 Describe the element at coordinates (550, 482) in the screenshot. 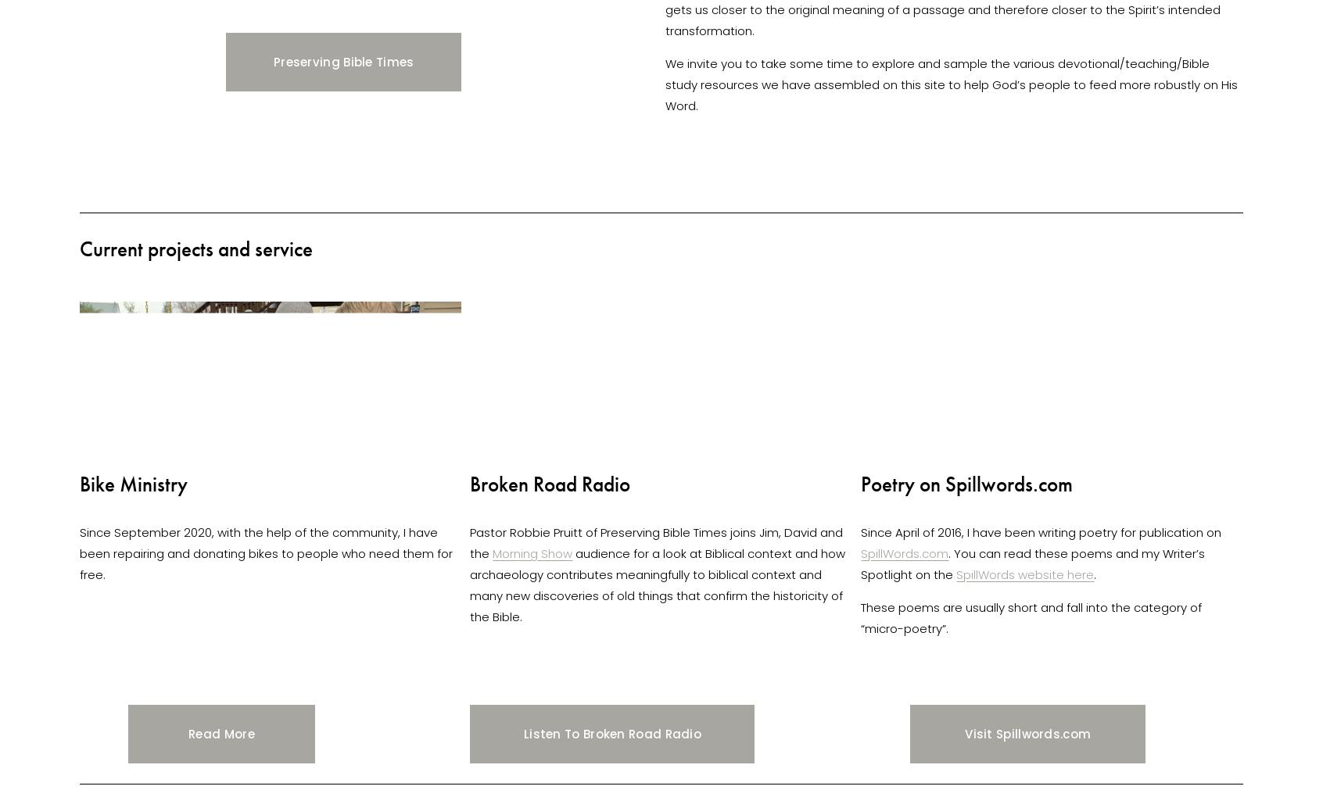

I see `'Broken Road Radio'` at that location.